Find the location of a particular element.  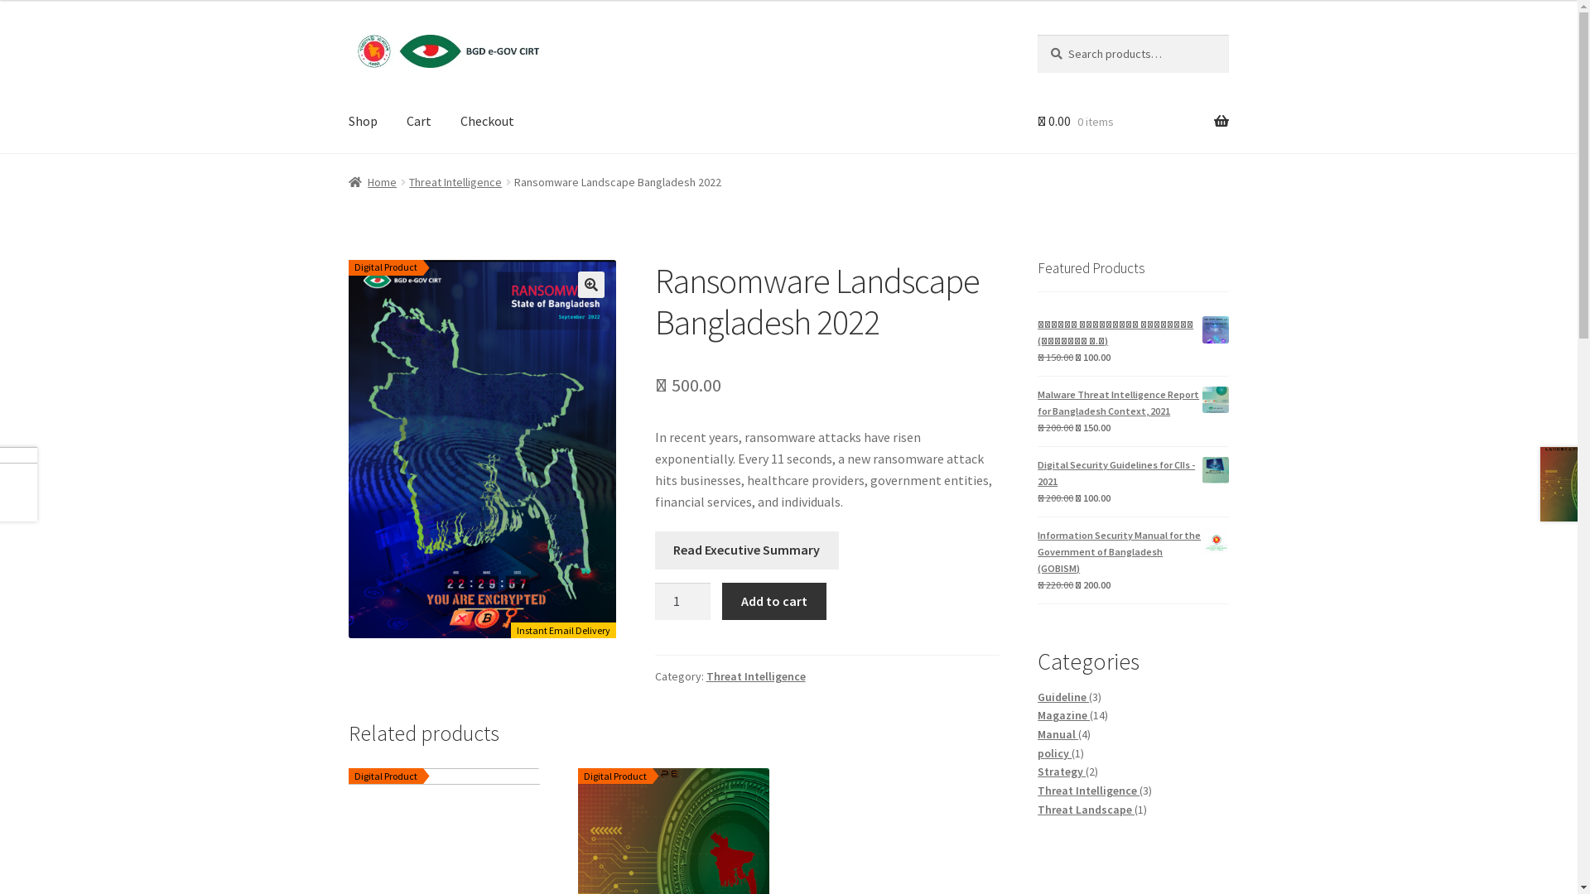

'Threat Intelligence' is located at coordinates (1088, 790).